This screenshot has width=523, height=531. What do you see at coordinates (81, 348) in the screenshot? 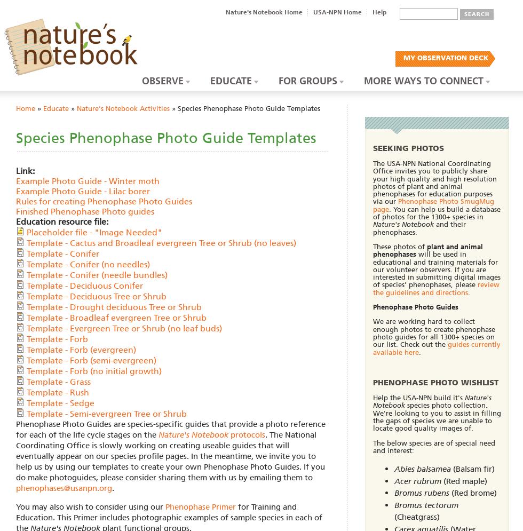
I see `'Template - Forb (evergreen)'` at bounding box center [81, 348].